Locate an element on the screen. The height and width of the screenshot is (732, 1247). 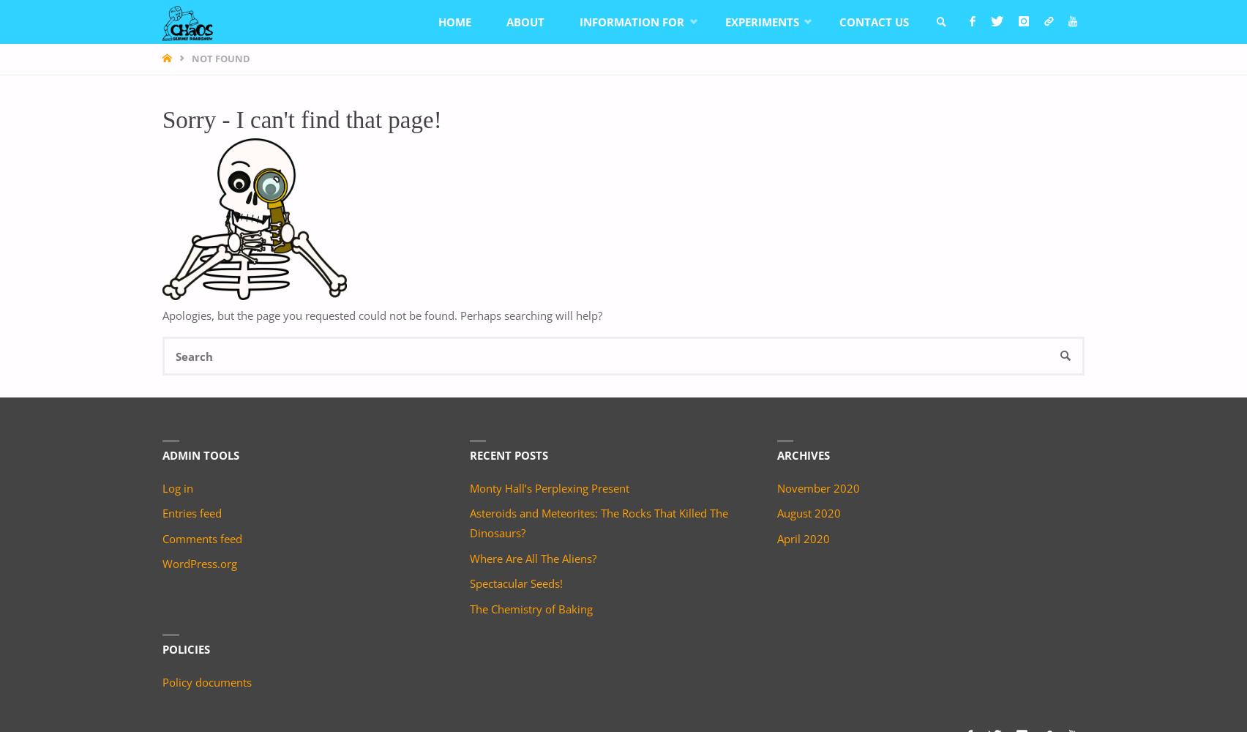
'Entries feed' is located at coordinates (191, 512).